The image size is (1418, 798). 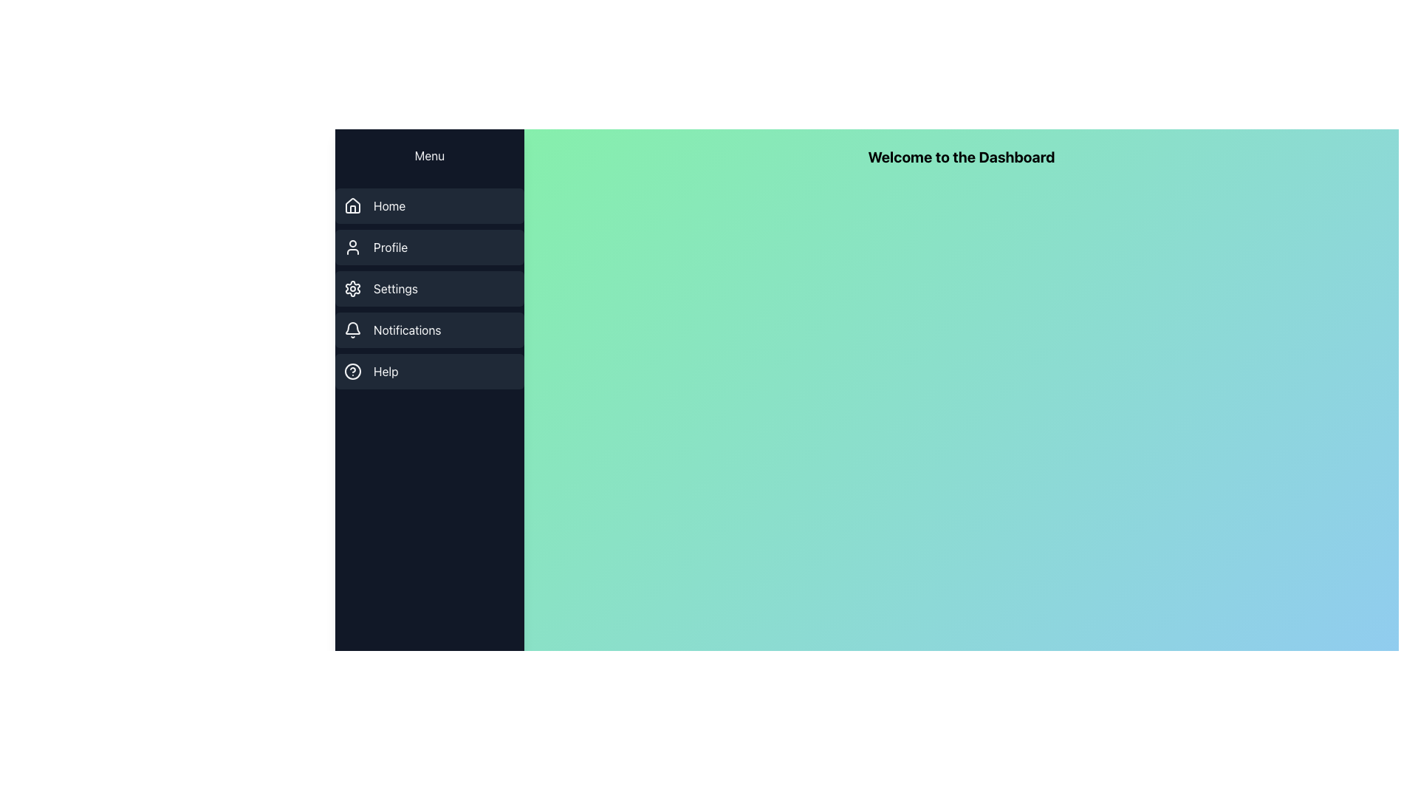 I want to click on Notifications text label in the vertical navigation menu, which is the fourth item in the list, to understand its purpose, so click(x=407, y=330).